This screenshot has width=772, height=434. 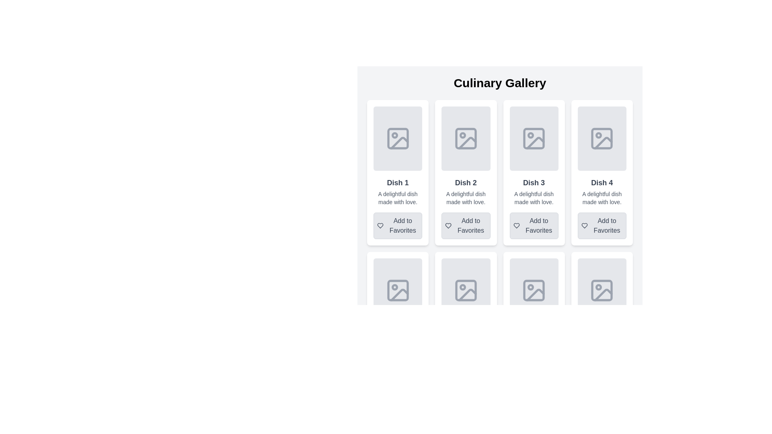 I want to click on the 'Dish 1' text label, which is a bold, medium-sized label on a light gray background, located beneath a placeholder image in the first card of the Culinary Gallery, so click(x=398, y=183).